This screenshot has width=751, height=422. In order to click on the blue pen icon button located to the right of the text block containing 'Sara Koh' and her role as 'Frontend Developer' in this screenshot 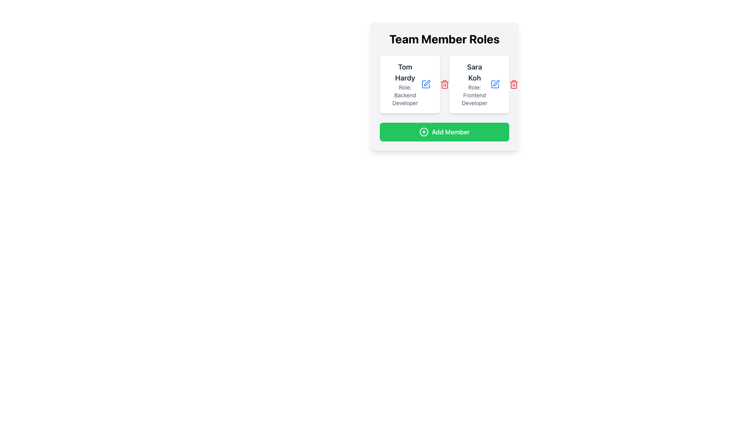, I will do `click(495, 84)`.